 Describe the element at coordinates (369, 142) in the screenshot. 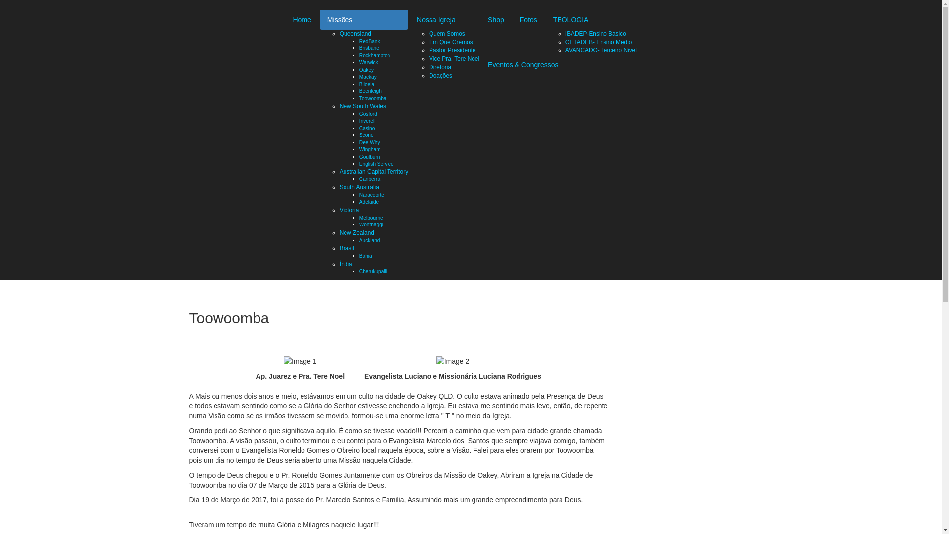

I see `'Dee Why'` at that location.